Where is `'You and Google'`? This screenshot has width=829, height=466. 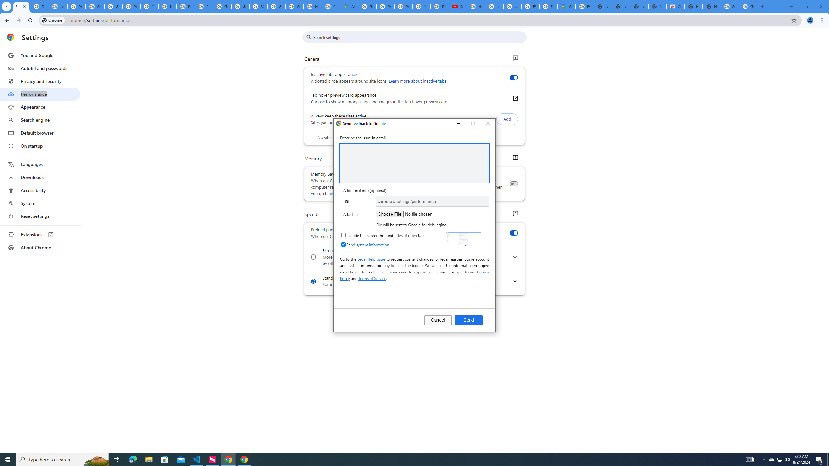 'You and Google' is located at coordinates (40, 55).